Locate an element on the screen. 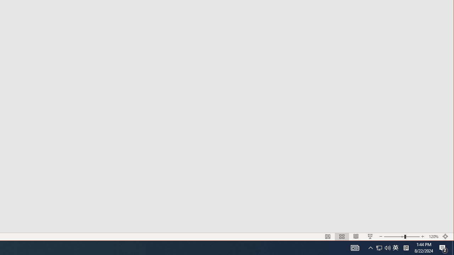 The image size is (454, 255). 'Q2790: 100%' is located at coordinates (387, 247).